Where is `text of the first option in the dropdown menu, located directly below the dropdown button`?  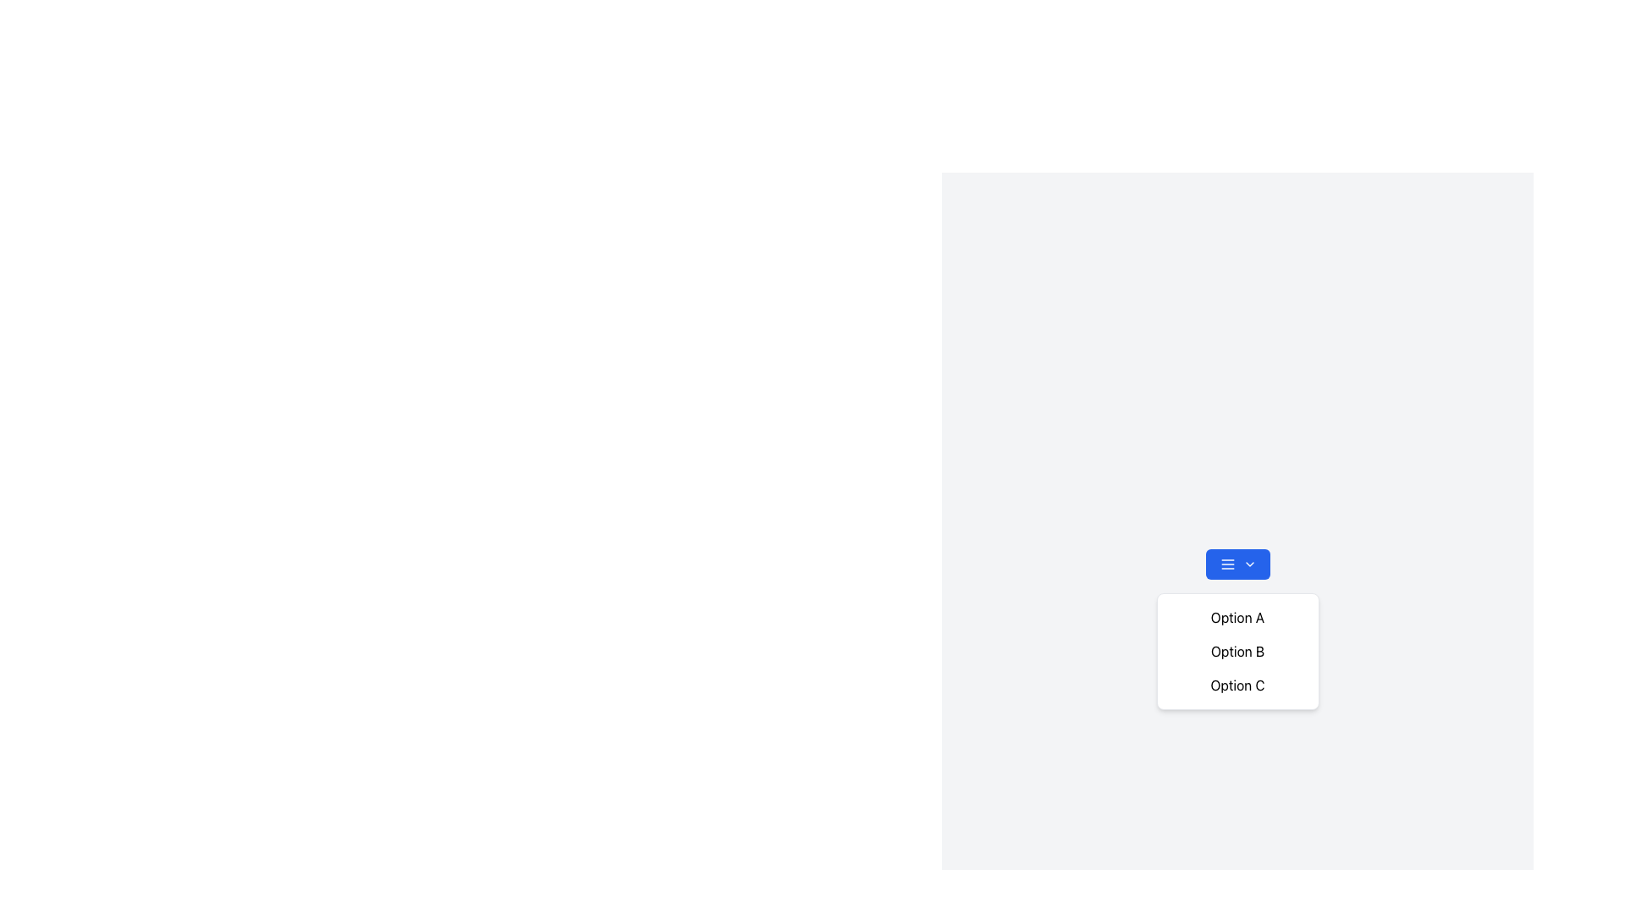 text of the first option in the dropdown menu, located directly below the dropdown button is located at coordinates (1237, 617).